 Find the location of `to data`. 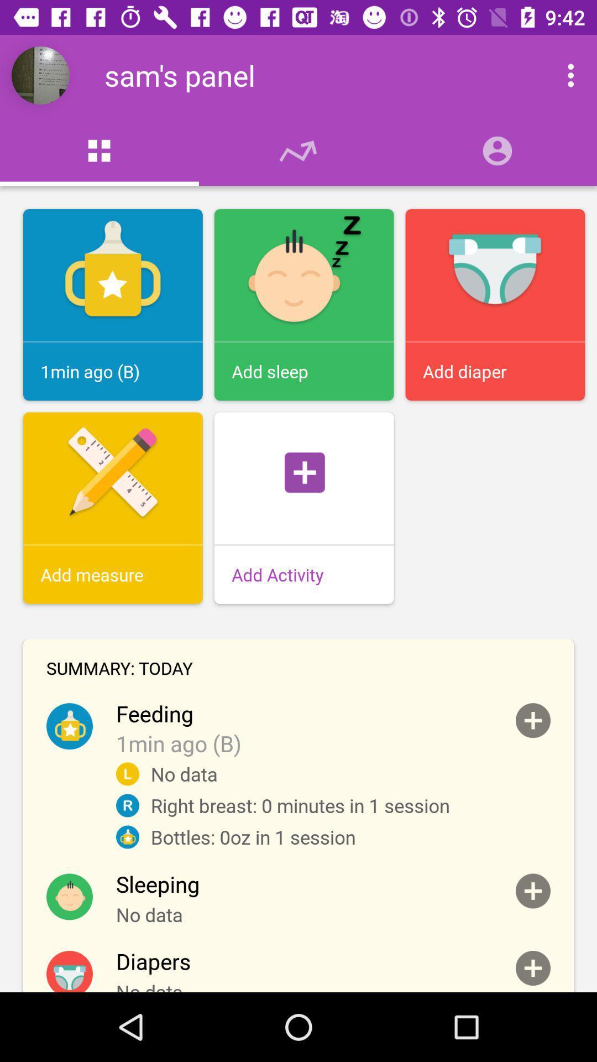

to data is located at coordinates (532, 891).